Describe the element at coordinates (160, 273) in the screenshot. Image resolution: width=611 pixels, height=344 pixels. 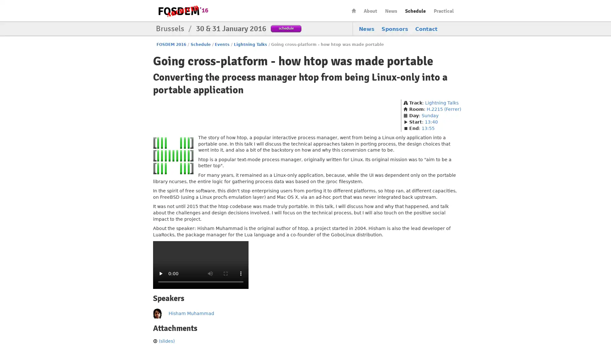
I see `play` at that location.